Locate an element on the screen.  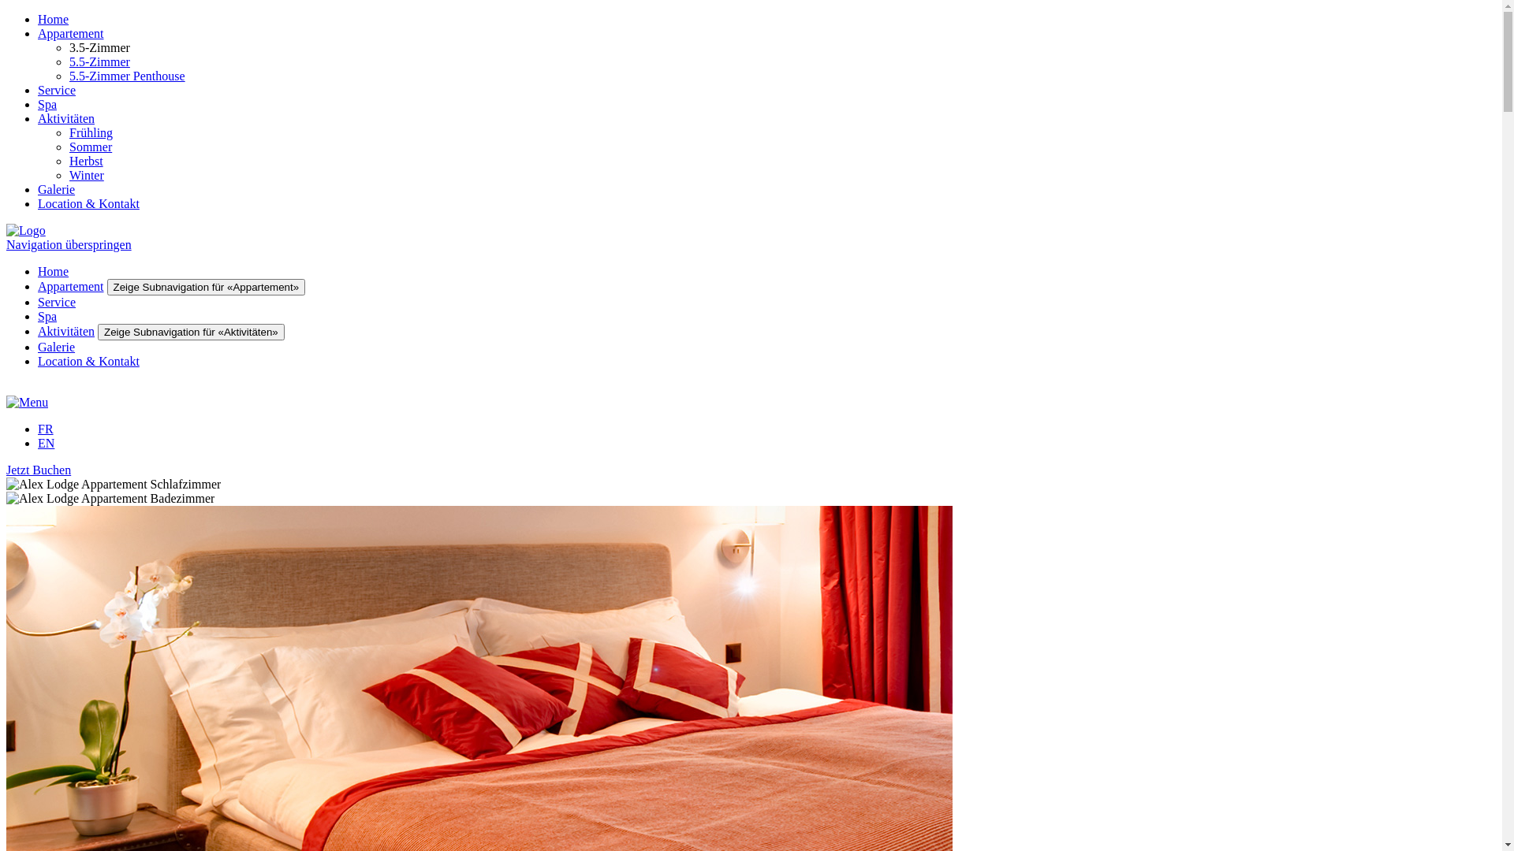
'Galerie' is located at coordinates (38, 188).